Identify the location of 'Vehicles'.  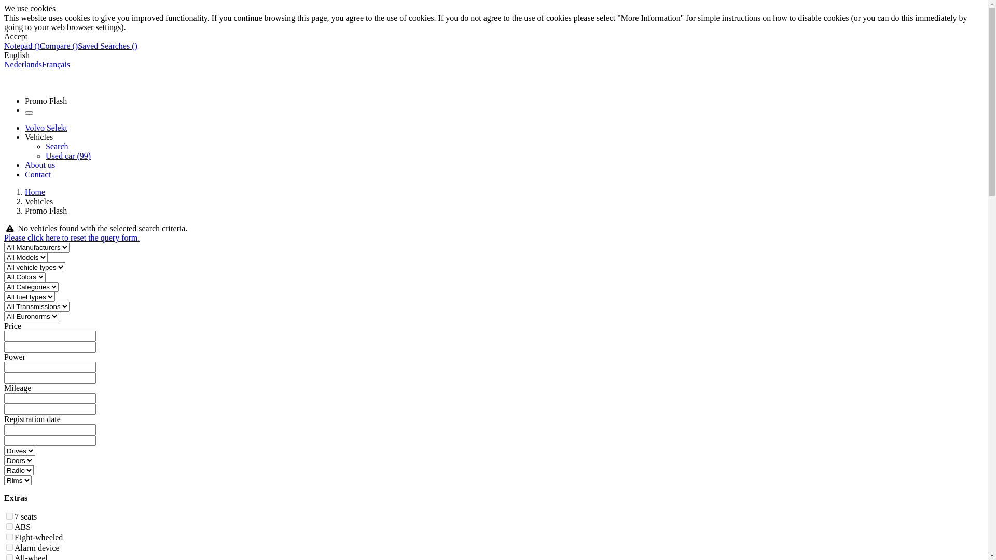
(25, 136).